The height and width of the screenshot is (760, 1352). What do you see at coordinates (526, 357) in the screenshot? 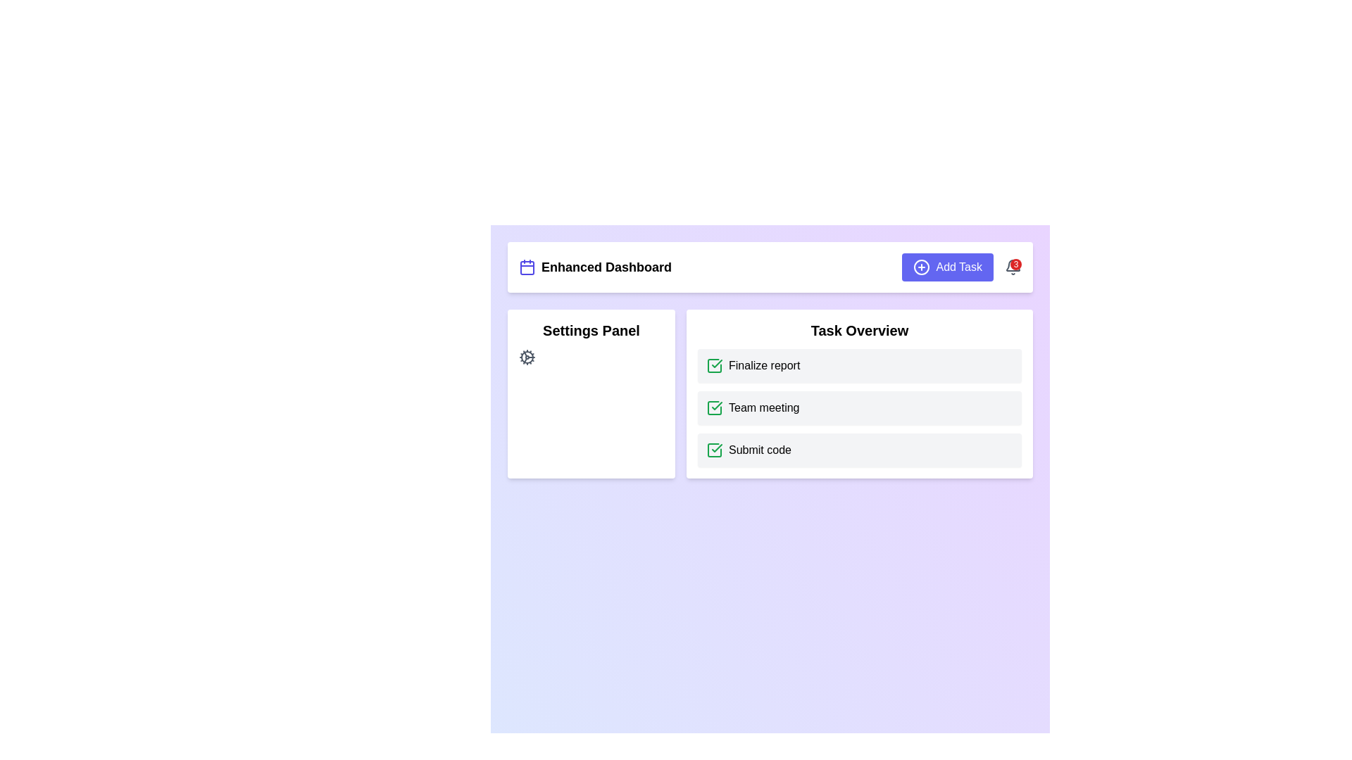
I see `the central circular region of the gear-shaped configuration icon located on the left side of the interface under the Settings Panel header` at bounding box center [526, 357].